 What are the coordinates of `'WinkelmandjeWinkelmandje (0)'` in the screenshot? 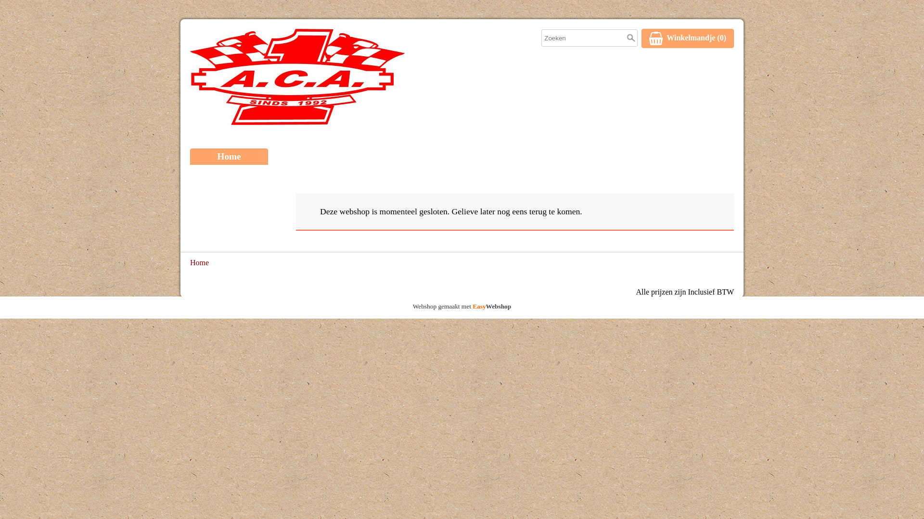 It's located at (687, 38).